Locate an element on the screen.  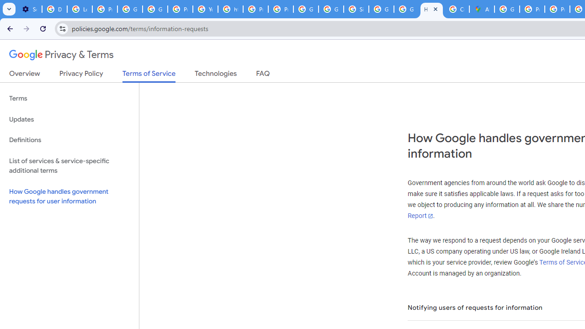
'Updates' is located at coordinates (69, 119).